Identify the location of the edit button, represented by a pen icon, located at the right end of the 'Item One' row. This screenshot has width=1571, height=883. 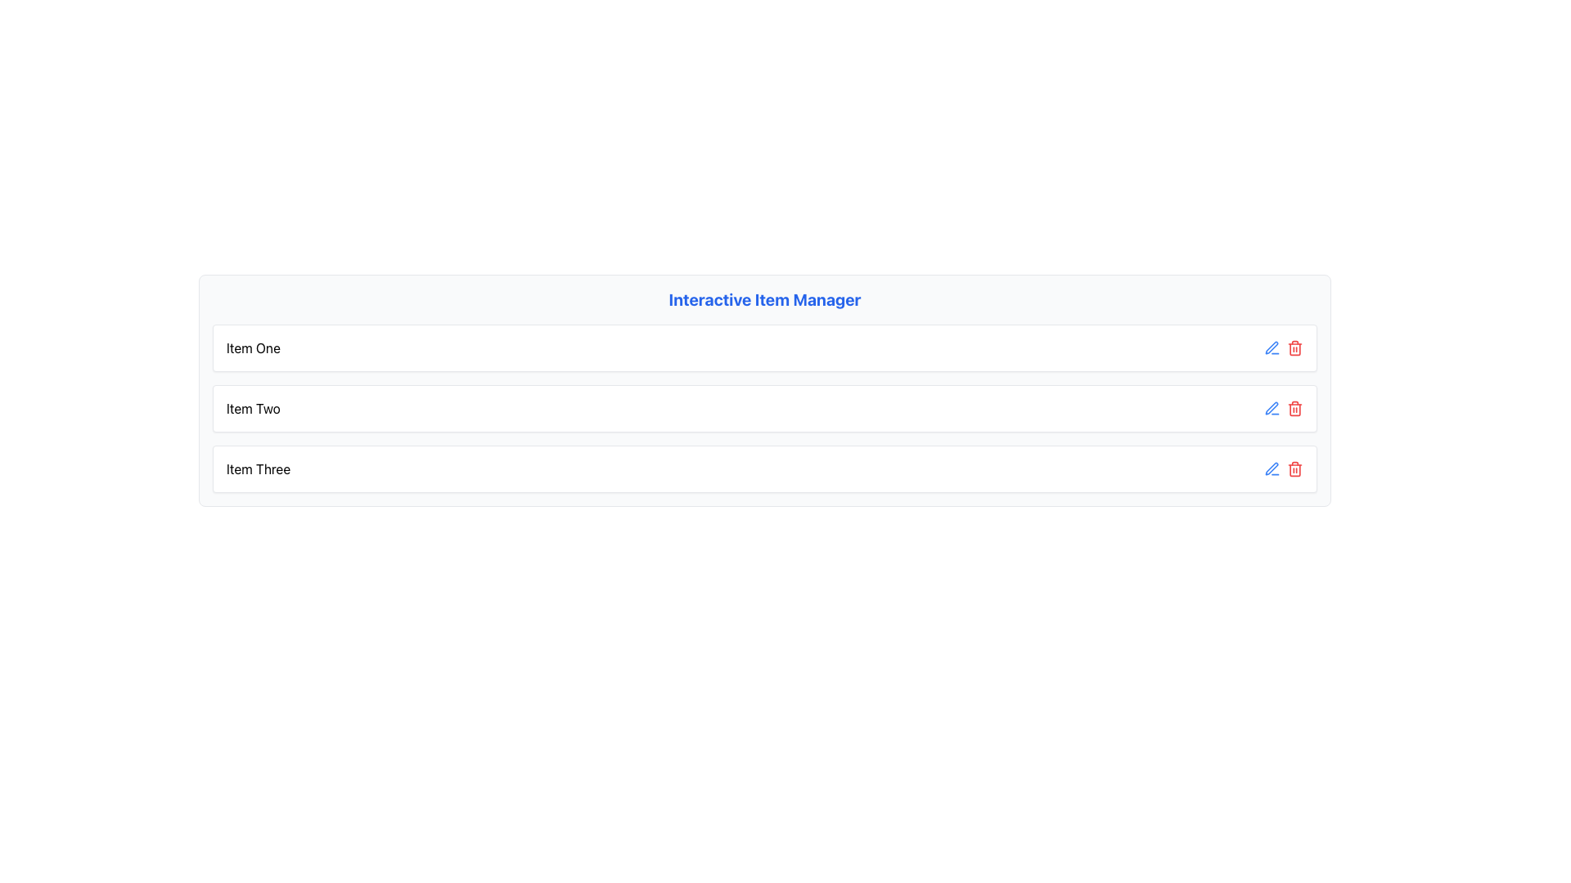
(1272, 469).